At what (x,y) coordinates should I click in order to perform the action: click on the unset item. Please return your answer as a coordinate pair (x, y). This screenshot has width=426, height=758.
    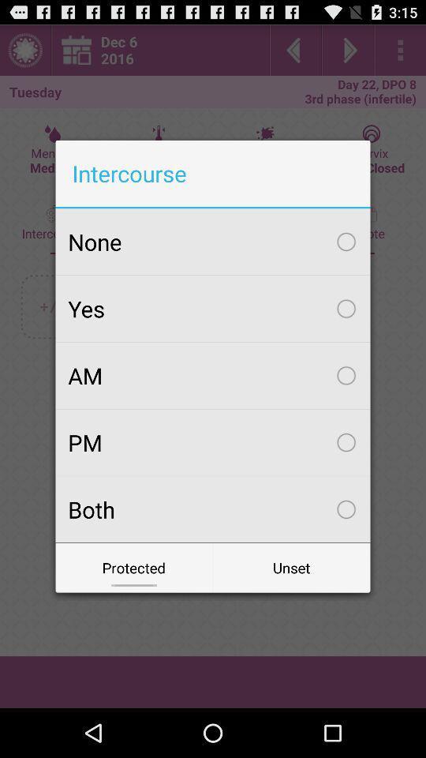
    Looking at the image, I should click on (290, 568).